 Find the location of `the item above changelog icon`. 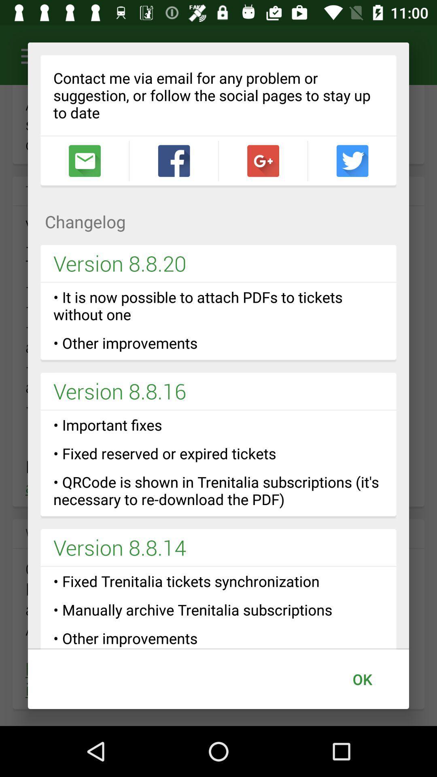

the item above changelog icon is located at coordinates (85, 161).